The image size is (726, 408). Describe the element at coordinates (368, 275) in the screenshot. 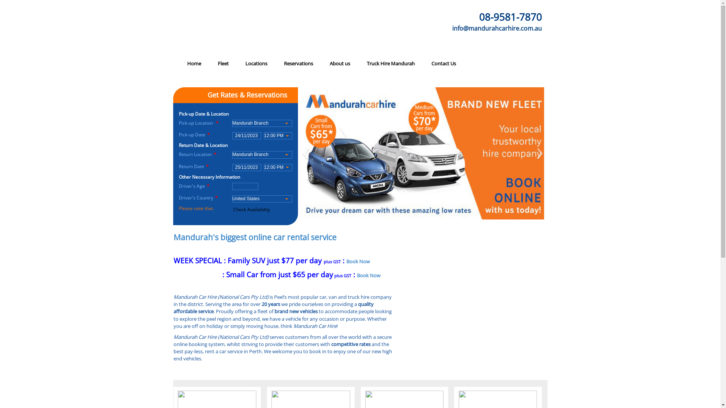

I see `'Book Now'` at that location.